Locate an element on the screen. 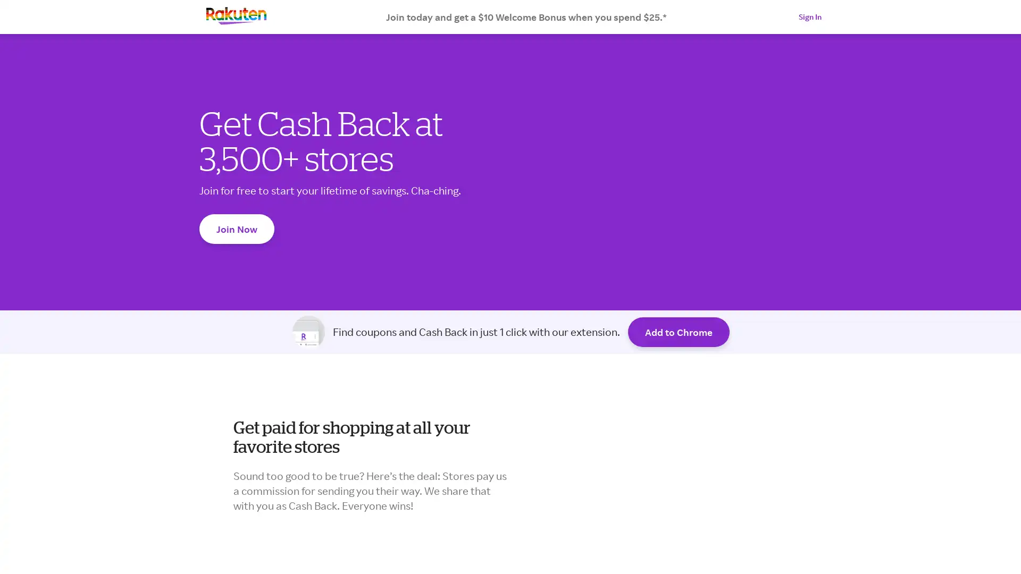 This screenshot has height=574, width=1021. Add to Chrome is located at coordinates (677, 331).